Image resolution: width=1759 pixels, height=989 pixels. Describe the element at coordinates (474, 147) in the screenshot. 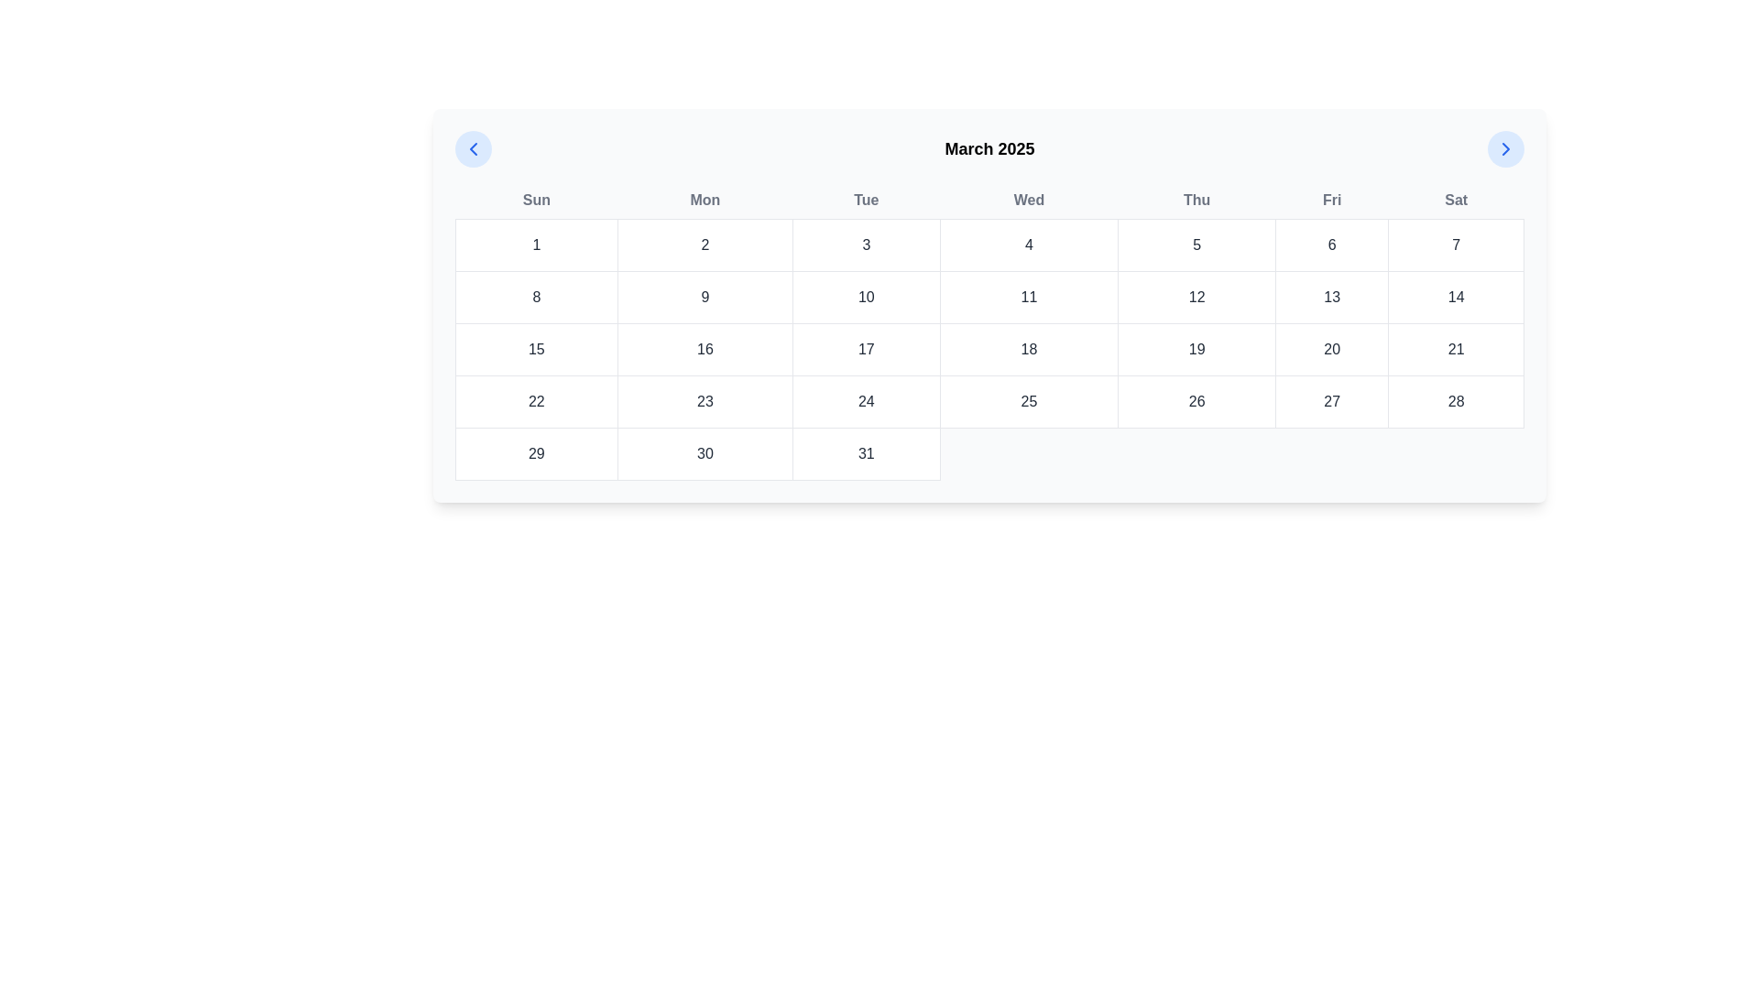

I see `the Button (Chevron Icon) located at the top-left corner of the calendar interface` at that location.